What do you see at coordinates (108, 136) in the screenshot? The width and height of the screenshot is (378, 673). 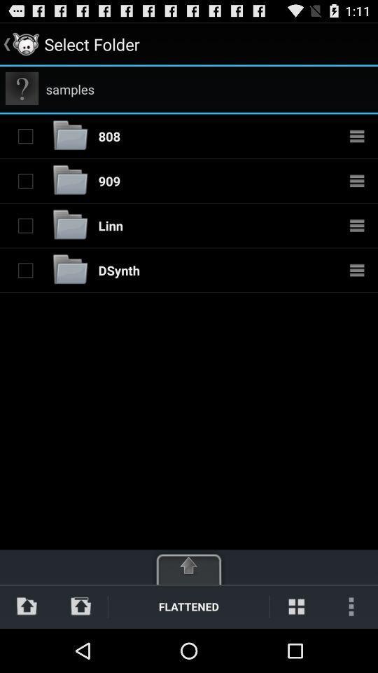 I see `the app above the 909` at bounding box center [108, 136].